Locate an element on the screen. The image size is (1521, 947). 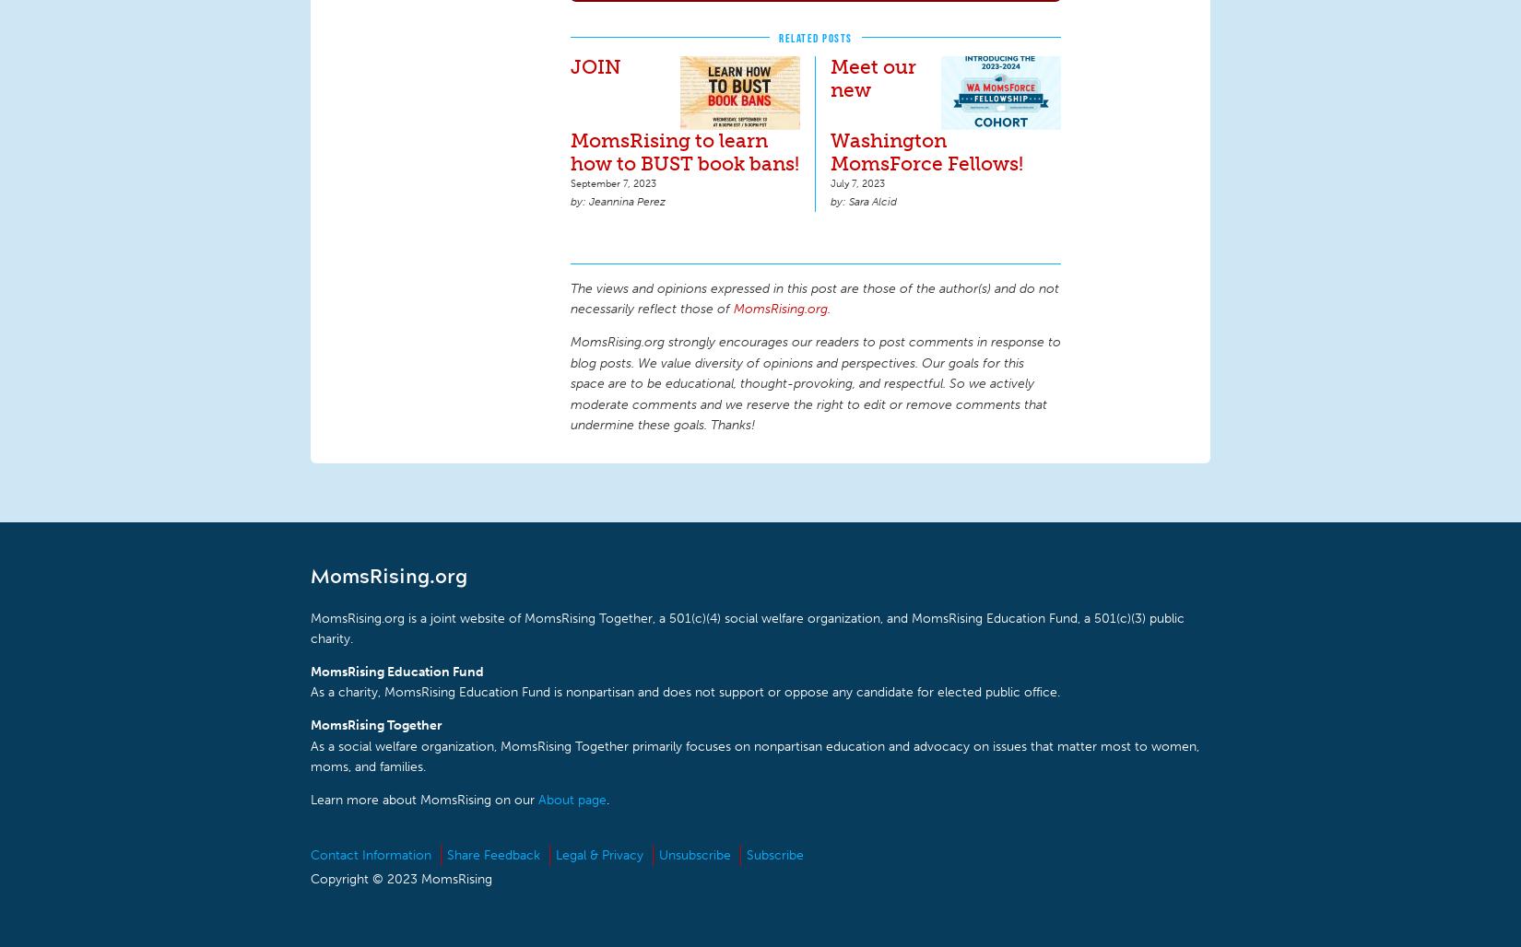
'Related Posts' is located at coordinates (815, 37).